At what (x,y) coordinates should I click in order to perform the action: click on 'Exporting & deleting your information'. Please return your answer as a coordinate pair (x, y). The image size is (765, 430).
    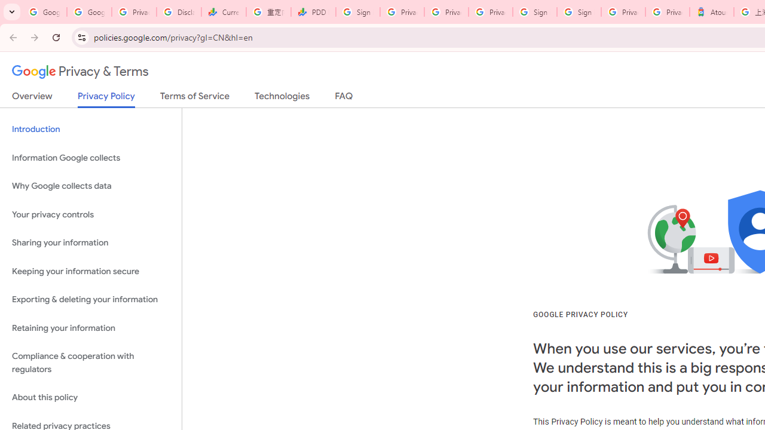
    Looking at the image, I should click on (90, 299).